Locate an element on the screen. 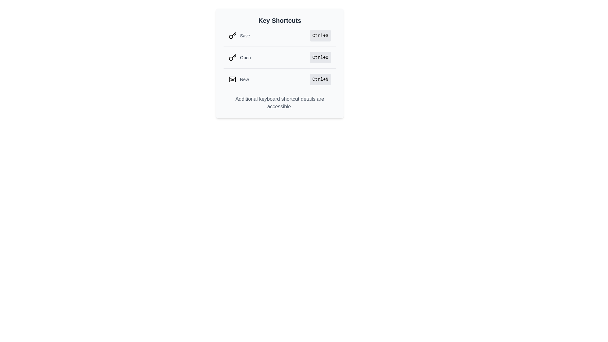  the small circular element that is part of the key icon, located adjacent to the 'Open' text in the second list item of the 'Key Shortcuts' section is located at coordinates (231, 59).